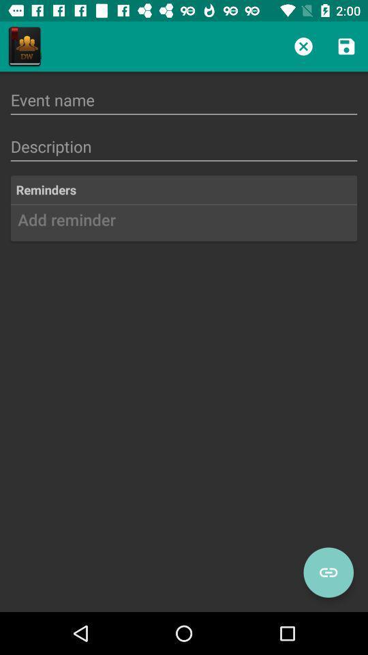 This screenshot has height=655, width=368. What do you see at coordinates (328, 572) in the screenshot?
I see `icon below the add reminder` at bounding box center [328, 572].